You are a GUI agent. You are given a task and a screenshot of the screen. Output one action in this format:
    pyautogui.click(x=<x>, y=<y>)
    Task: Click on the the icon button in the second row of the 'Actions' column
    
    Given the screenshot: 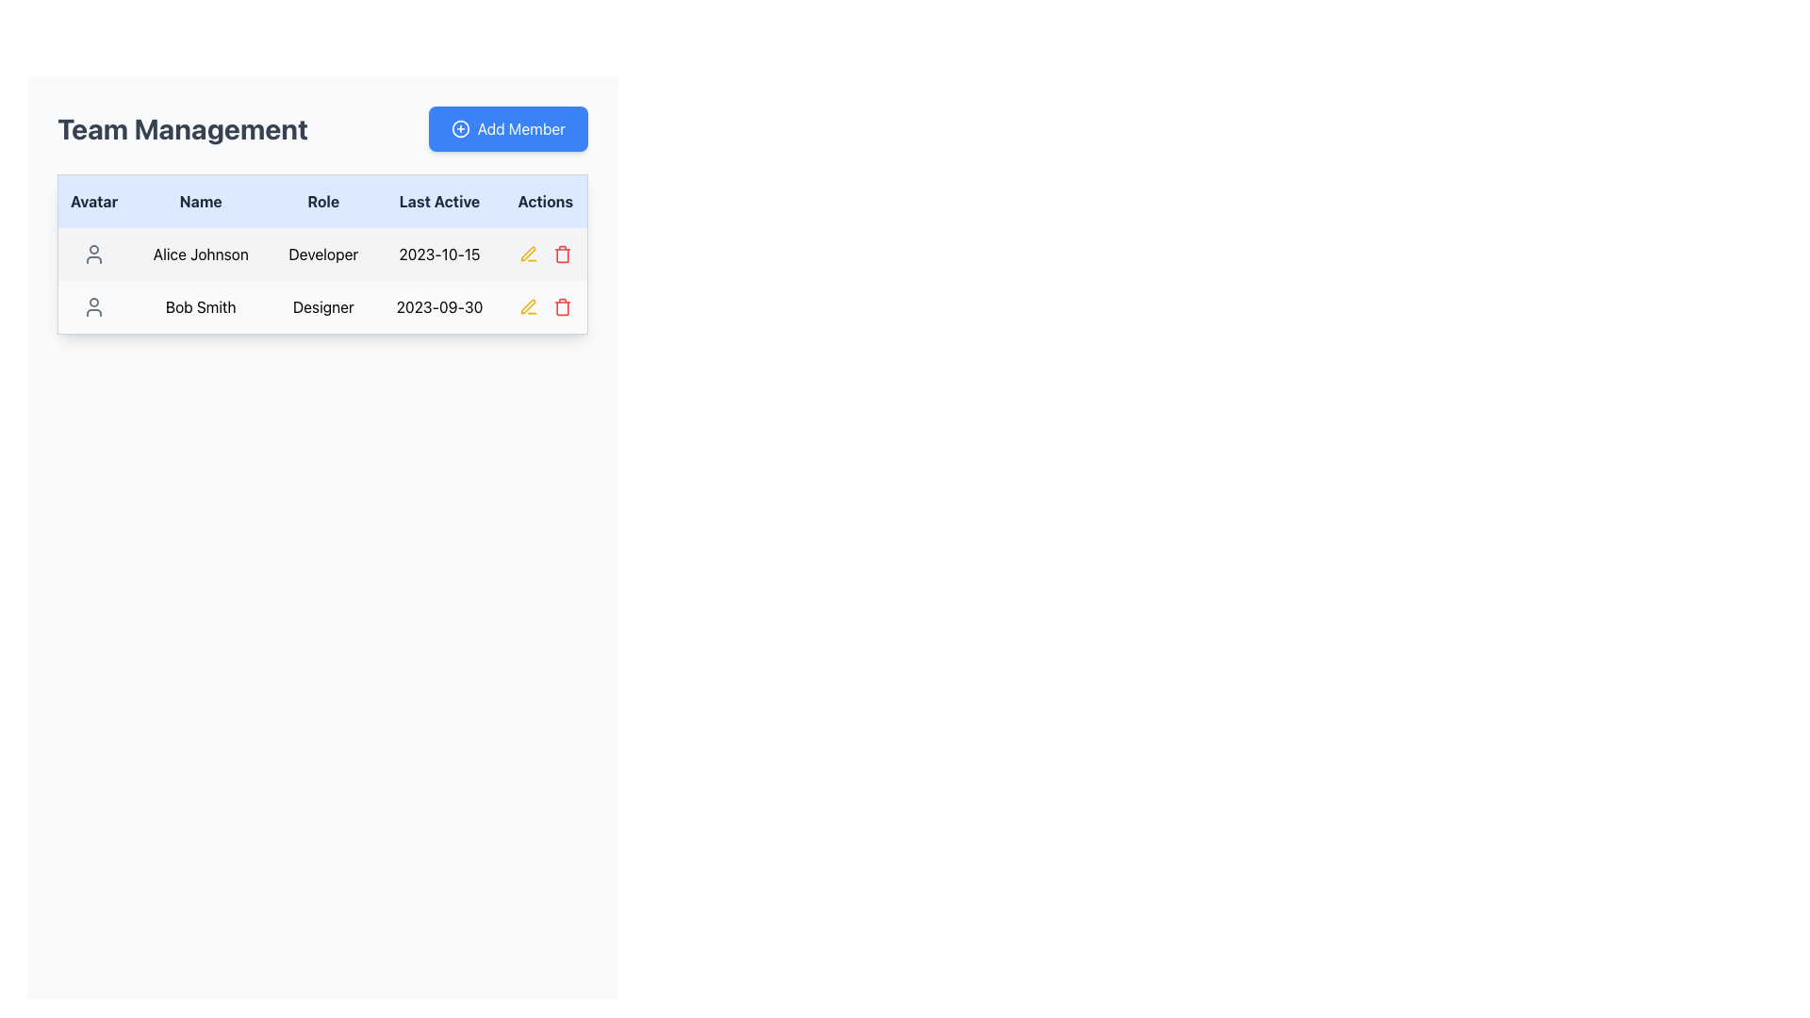 What is the action you would take?
    pyautogui.click(x=528, y=254)
    